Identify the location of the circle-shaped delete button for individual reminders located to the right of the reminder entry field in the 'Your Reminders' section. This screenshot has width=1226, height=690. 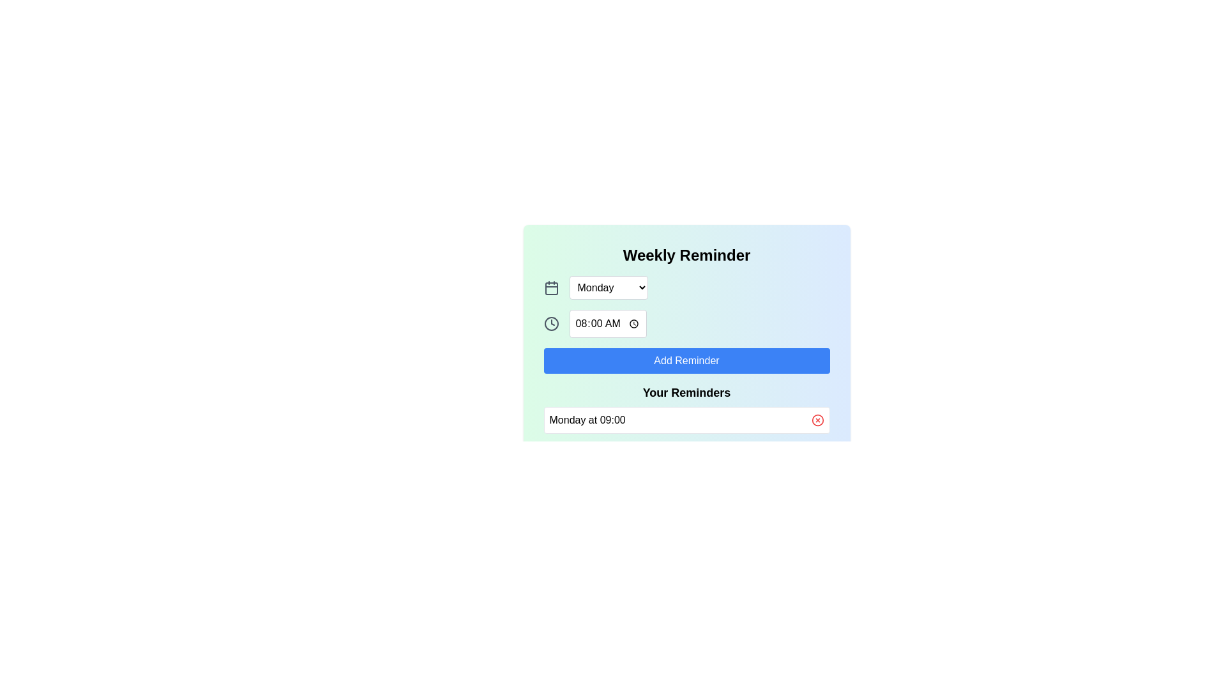
(817, 420).